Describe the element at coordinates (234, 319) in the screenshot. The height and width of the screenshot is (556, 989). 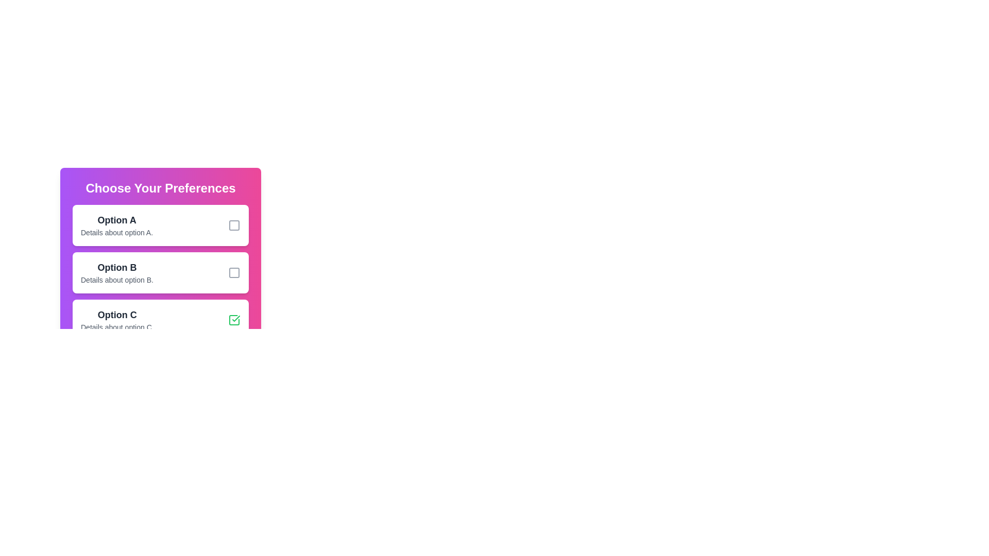
I see `the checkbox located in the 'Option C' section, which allows the user` at that location.